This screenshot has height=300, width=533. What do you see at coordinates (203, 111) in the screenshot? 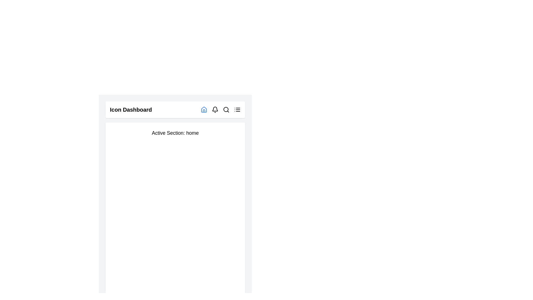
I see `the doorway of the house icon, which is centrally aligned within the house-shaped icon in the top navigation bar, located to the left of the bell icon and the magnifying glass icon` at bounding box center [203, 111].